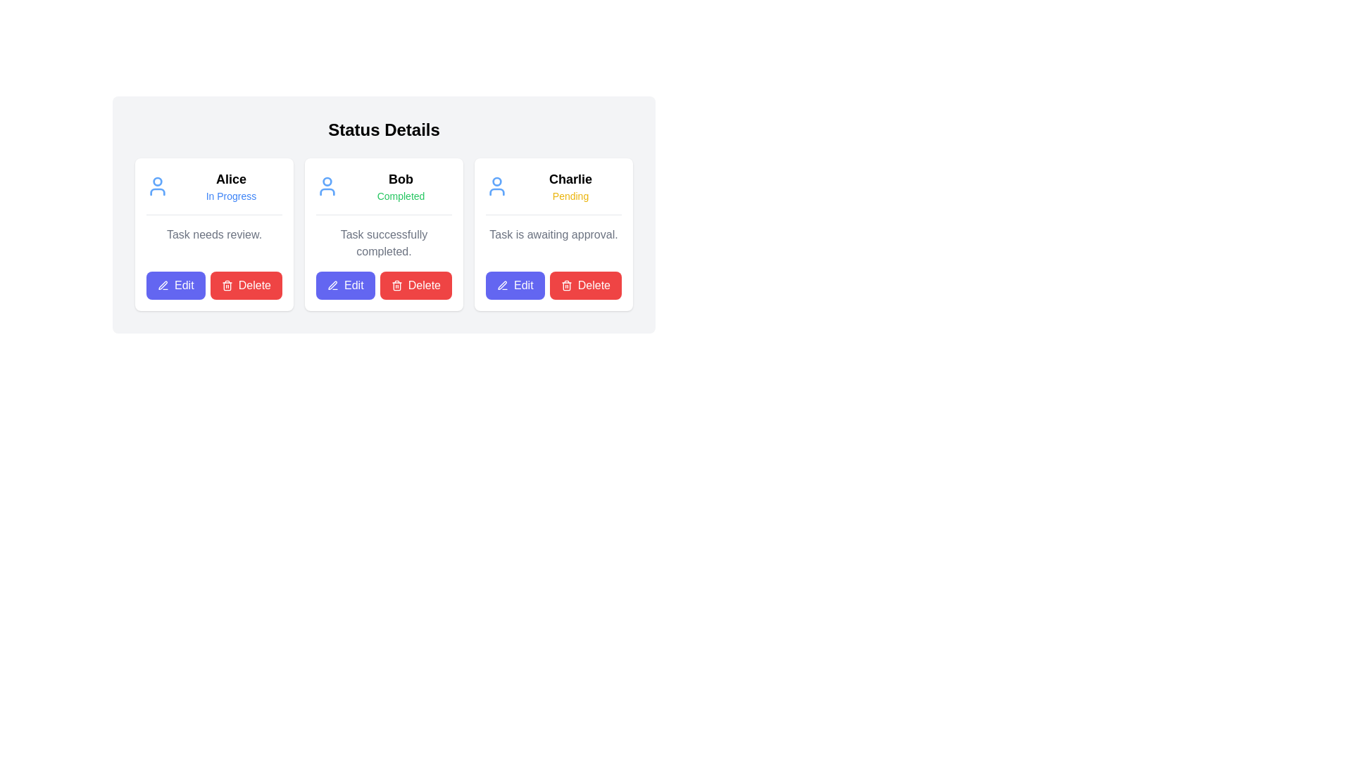 This screenshot has height=760, width=1352. I want to click on the text segment displaying 'Task is awaiting approval.' located in the card labeled 'Charlie', positioned underneath a line separator and above the buttons 'Edit' and 'Delete', so click(553, 243).